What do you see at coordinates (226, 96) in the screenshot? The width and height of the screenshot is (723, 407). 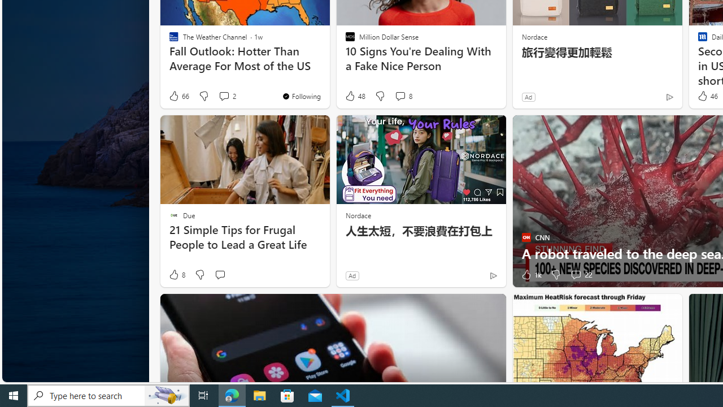 I see `'View comments 2 Comment'` at bounding box center [226, 96].